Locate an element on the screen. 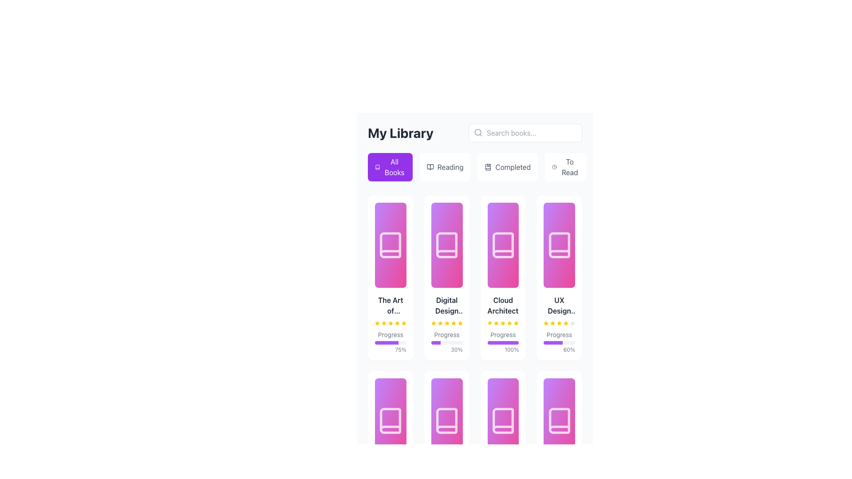 This screenshot has width=852, height=479. details of the first star-shaped icon with a yellow fill and black border, representing the rating for the book titled 'The Art of...' is located at coordinates (377, 323).